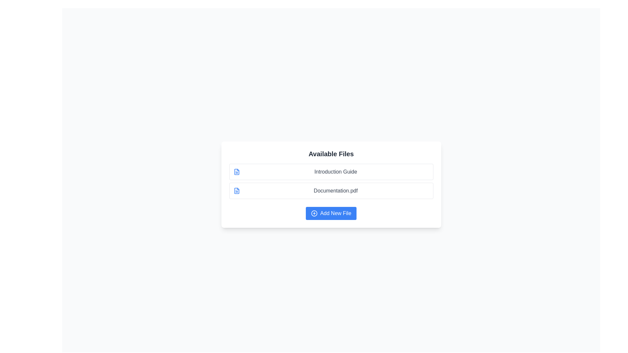 This screenshot has height=353, width=628. I want to click on the distinct button at the center-bottom of the visible card to initiate the file addition process, so click(331, 213).